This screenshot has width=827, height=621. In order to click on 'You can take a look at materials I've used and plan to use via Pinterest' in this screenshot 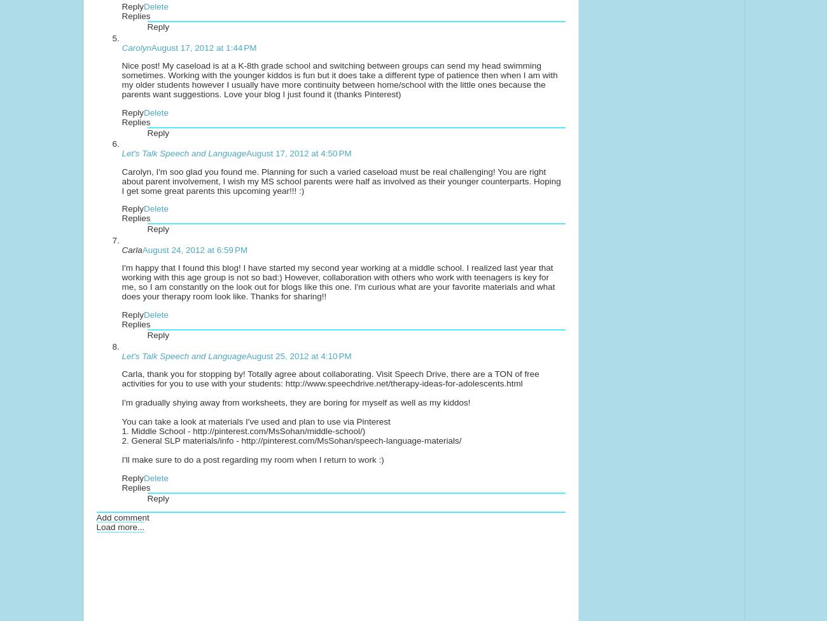, I will do `click(255, 421)`.